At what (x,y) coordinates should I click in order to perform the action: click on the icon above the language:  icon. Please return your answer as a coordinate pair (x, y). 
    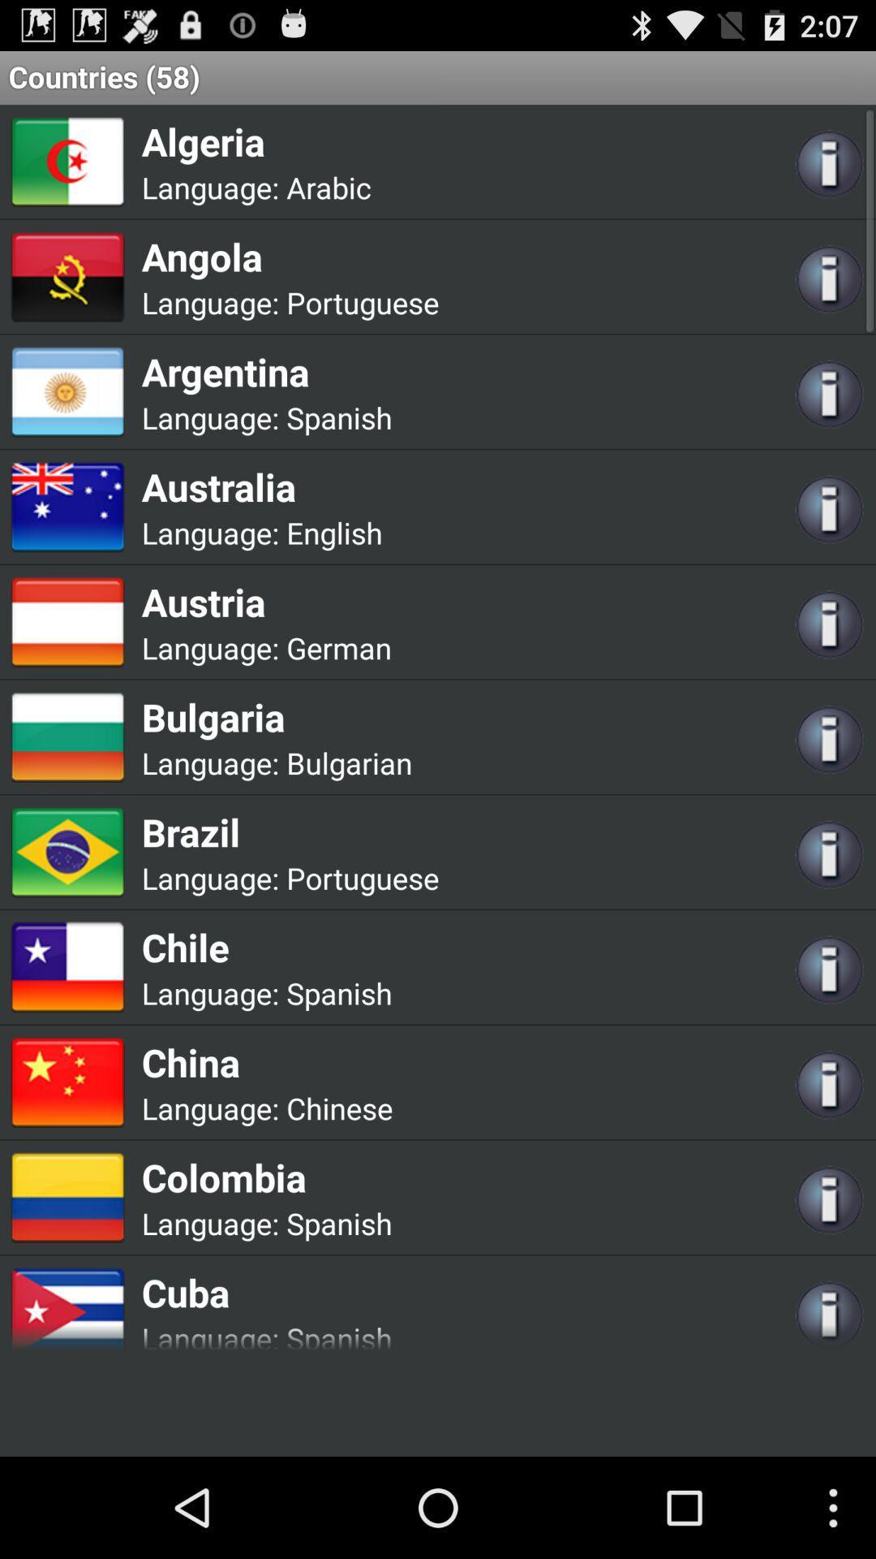
    Looking at the image, I should click on (290, 831).